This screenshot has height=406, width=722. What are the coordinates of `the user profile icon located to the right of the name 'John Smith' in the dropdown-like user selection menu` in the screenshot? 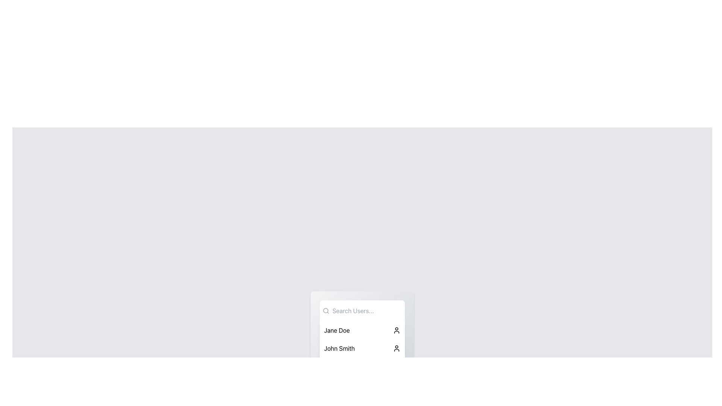 It's located at (396, 348).